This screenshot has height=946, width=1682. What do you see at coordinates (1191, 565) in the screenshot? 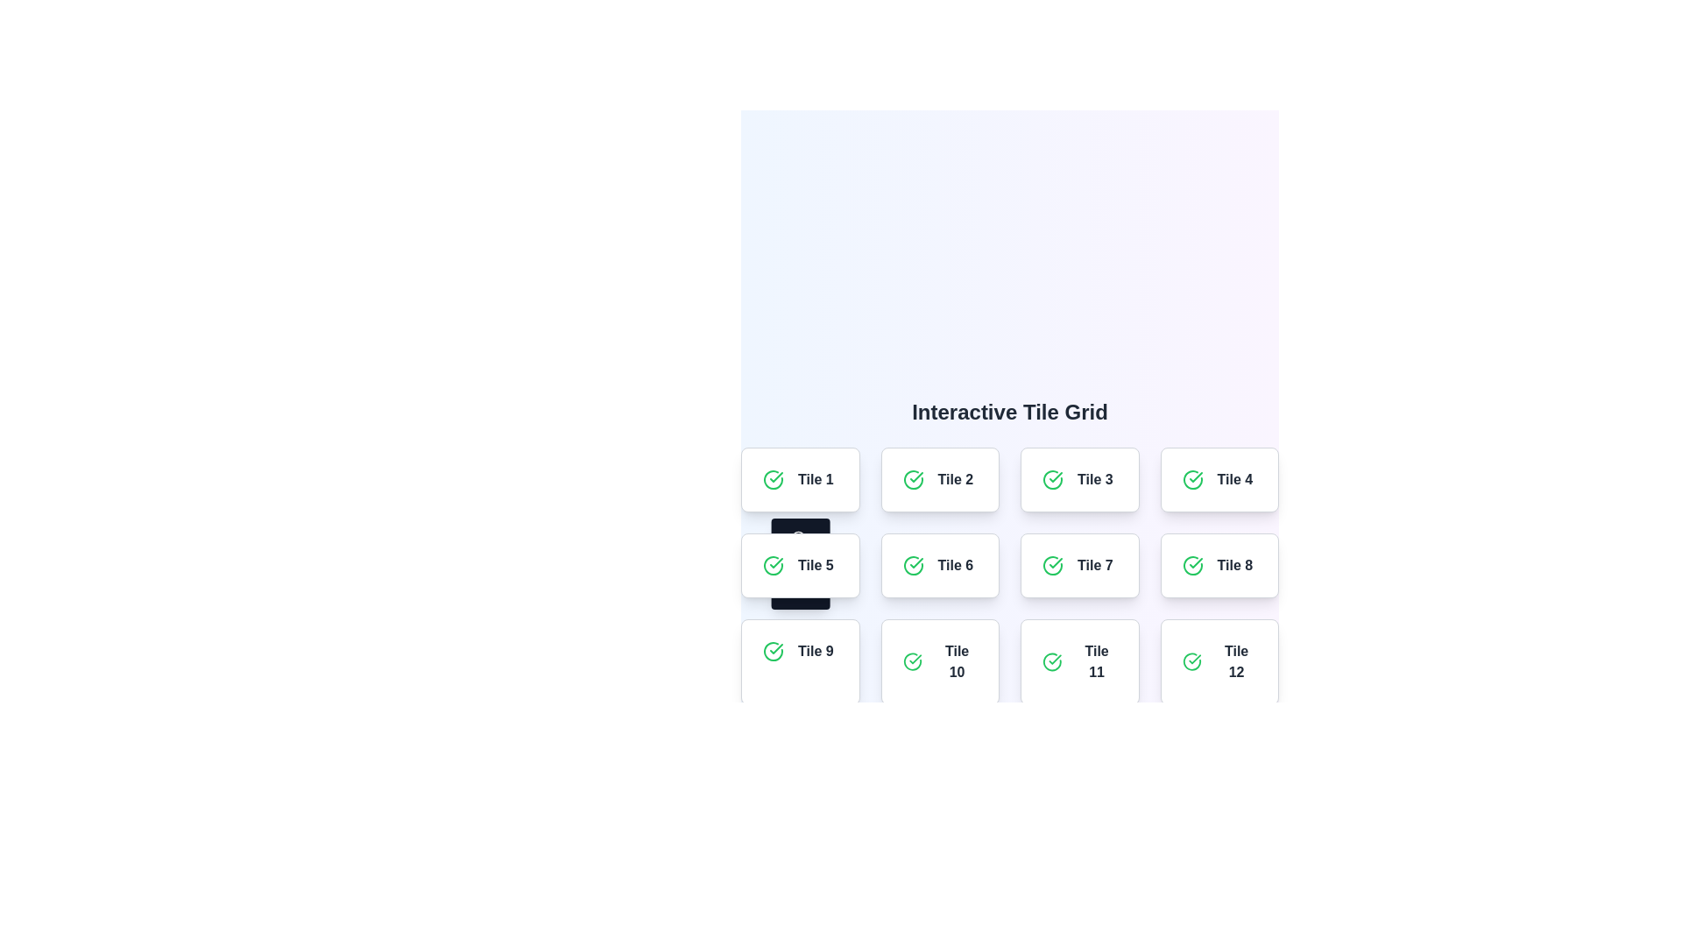
I see `the status represented by the circular graphical icon with a checkmark associated with 'Tile 8'` at bounding box center [1191, 565].